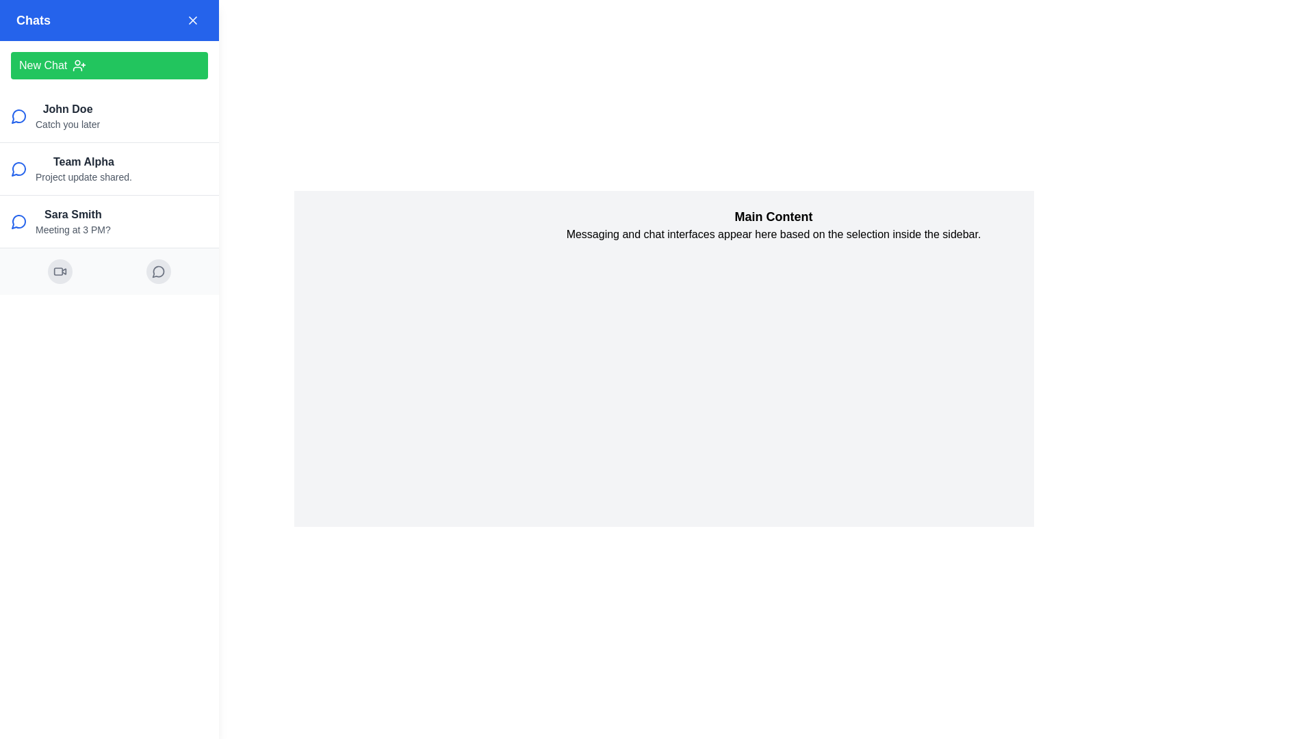  I want to click on the static text label that reads 'Meeting at 3 PM?' located below 'Sara Smith' in the chat item block, so click(72, 229).